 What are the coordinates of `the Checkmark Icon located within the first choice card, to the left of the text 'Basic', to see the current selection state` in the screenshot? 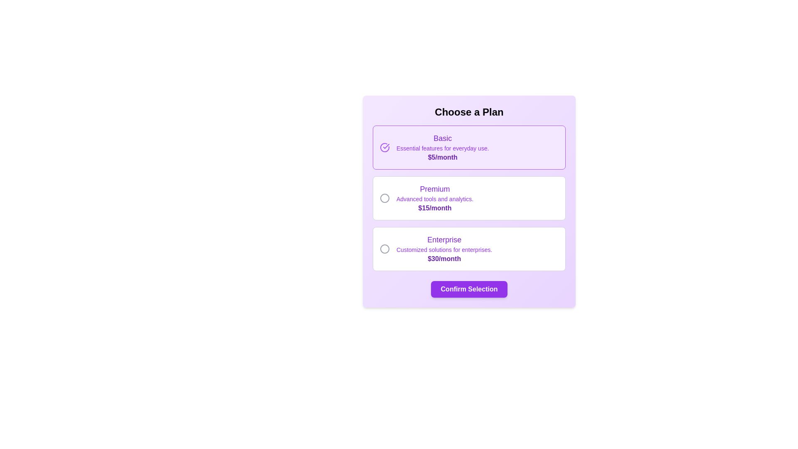 It's located at (386, 146).